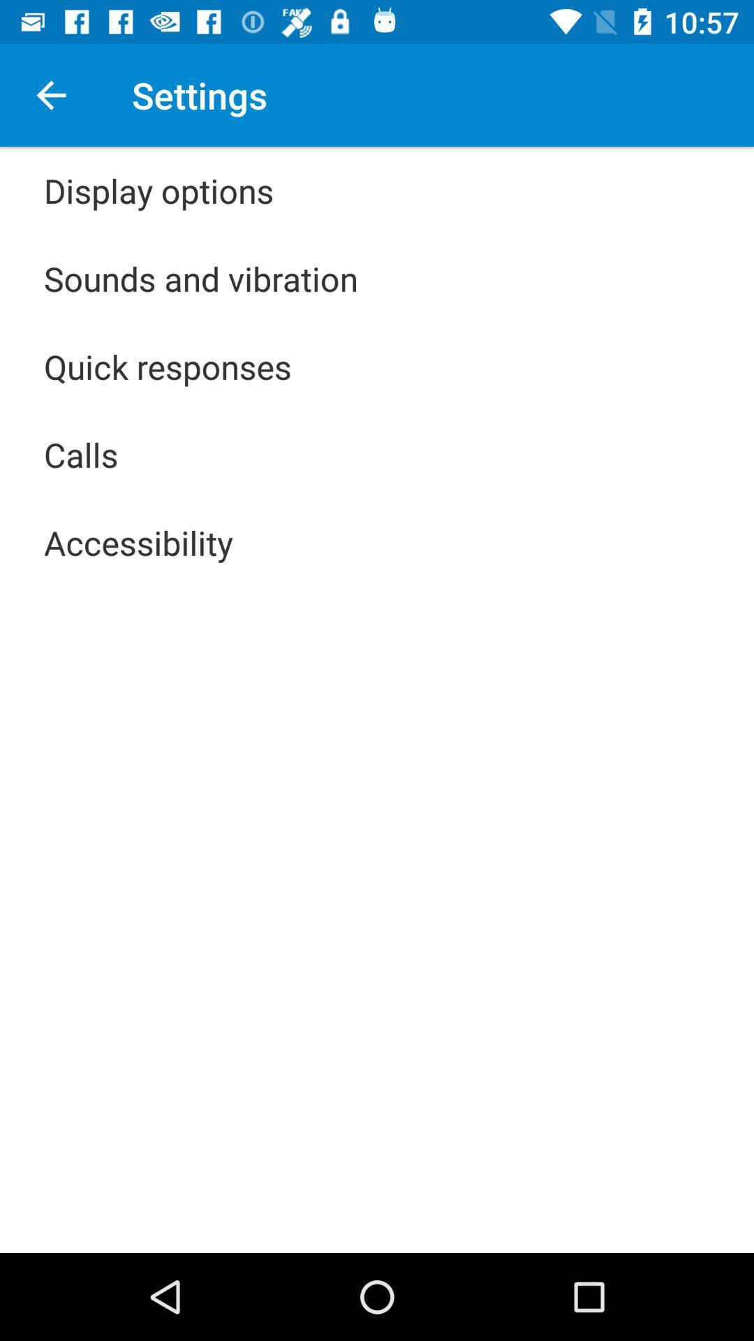 The image size is (754, 1341). What do you see at coordinates (50, 94) in the screenshot?
I see `app next to the settings app` at bounding box center [50, 94].